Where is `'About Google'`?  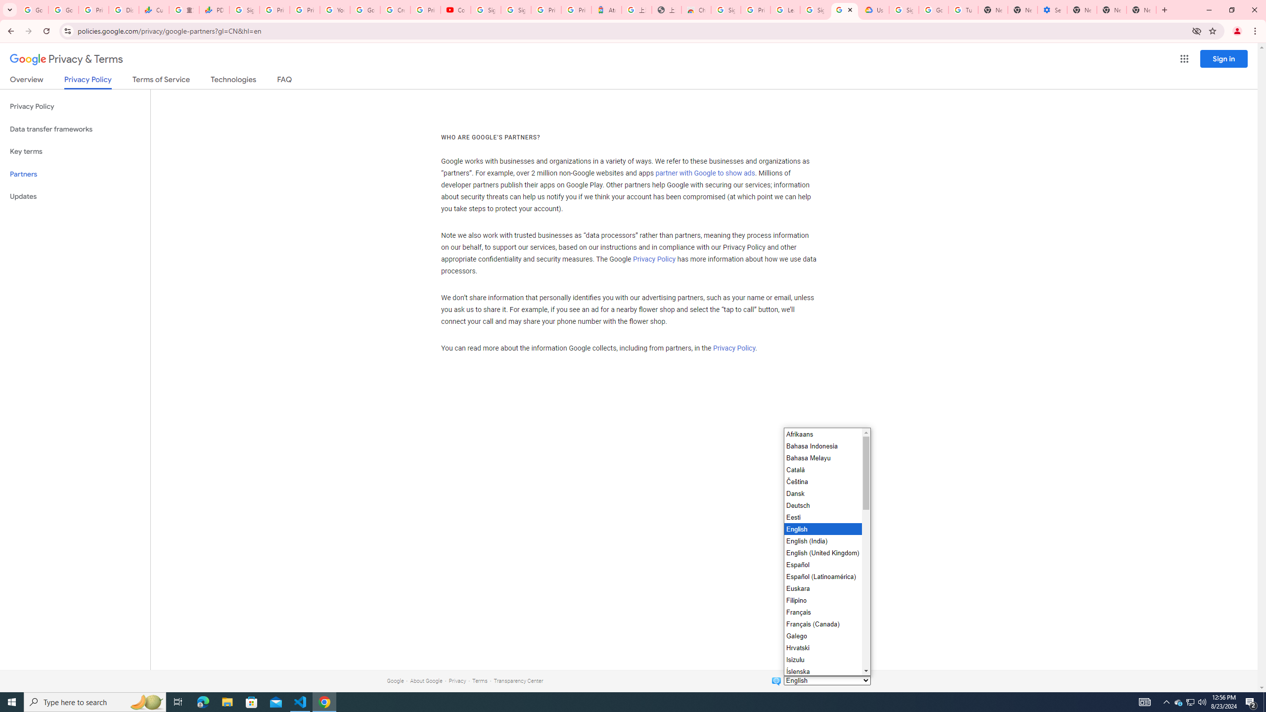 'About Google' is located at coordinates (426, 680).